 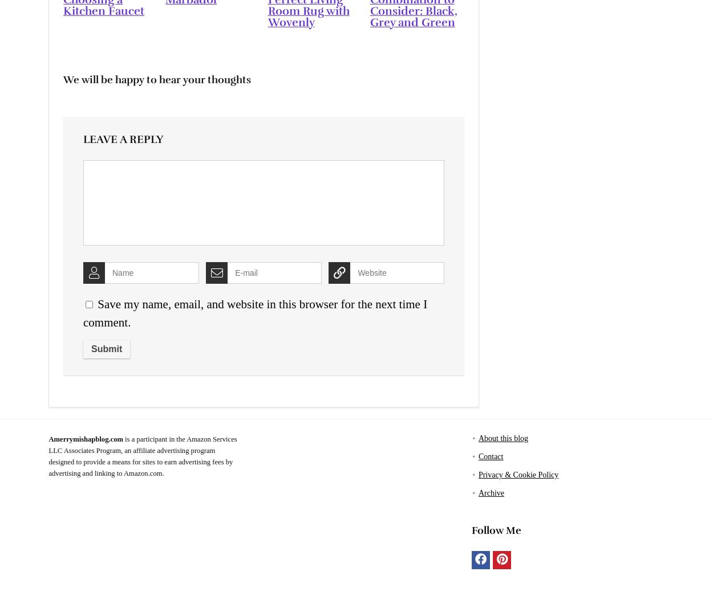 I want to click on 'Privacy & Cookie Policy', so click(x=518, y=474).